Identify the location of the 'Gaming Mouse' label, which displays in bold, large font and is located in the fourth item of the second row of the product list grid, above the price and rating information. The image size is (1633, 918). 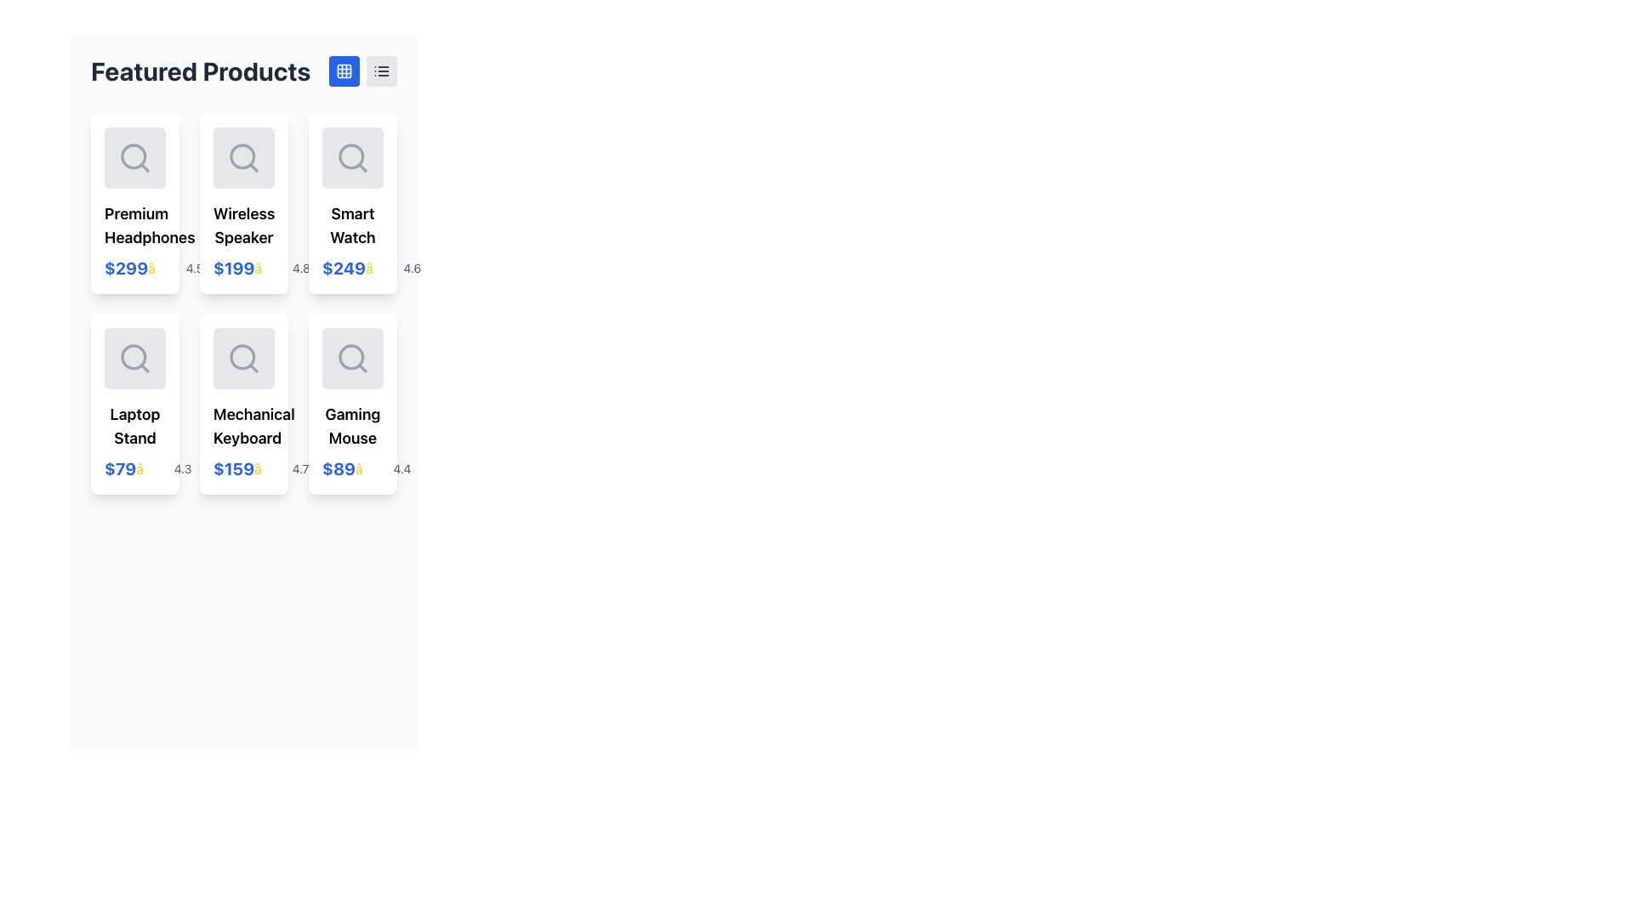
(351, 425).